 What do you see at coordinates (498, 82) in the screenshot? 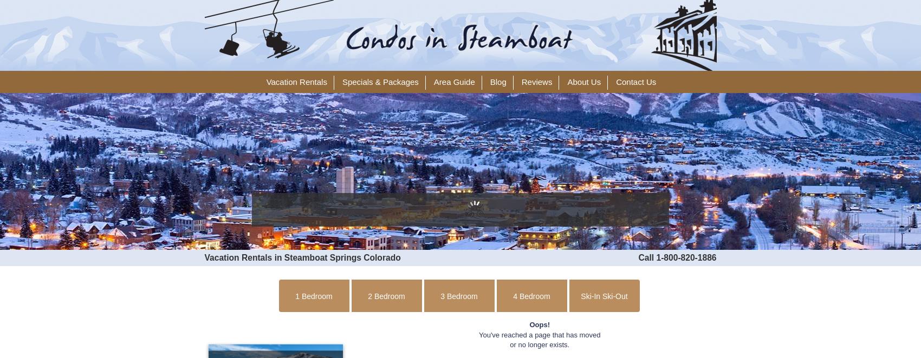
I see `'Blog'` at bounding box center [498, 82].